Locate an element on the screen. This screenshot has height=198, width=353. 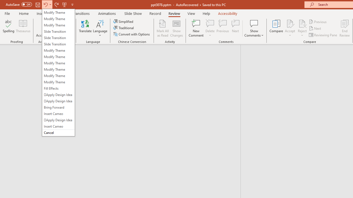
'Accept Change' is located at coordinates (290, 23).